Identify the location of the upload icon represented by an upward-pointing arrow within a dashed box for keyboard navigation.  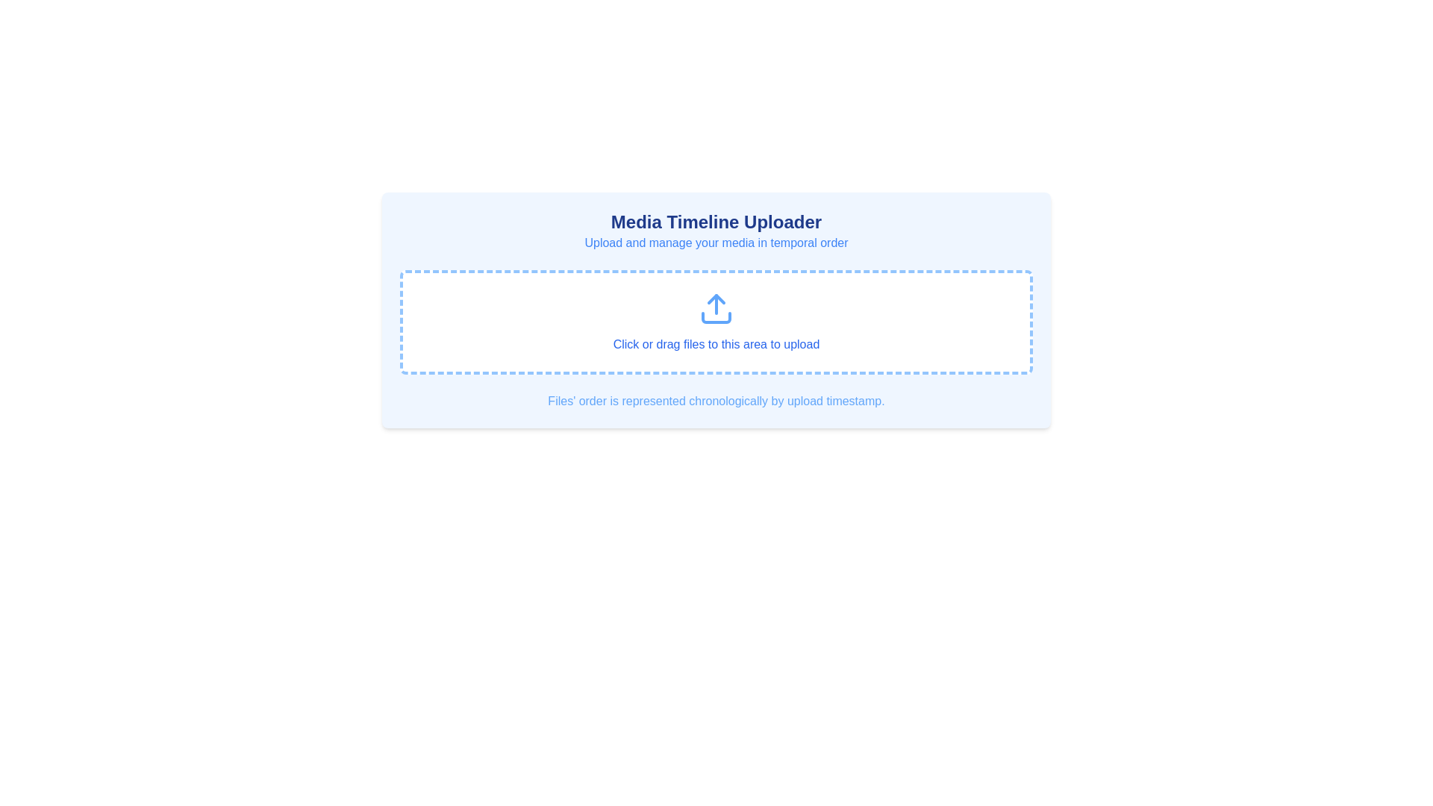
(716, 307).